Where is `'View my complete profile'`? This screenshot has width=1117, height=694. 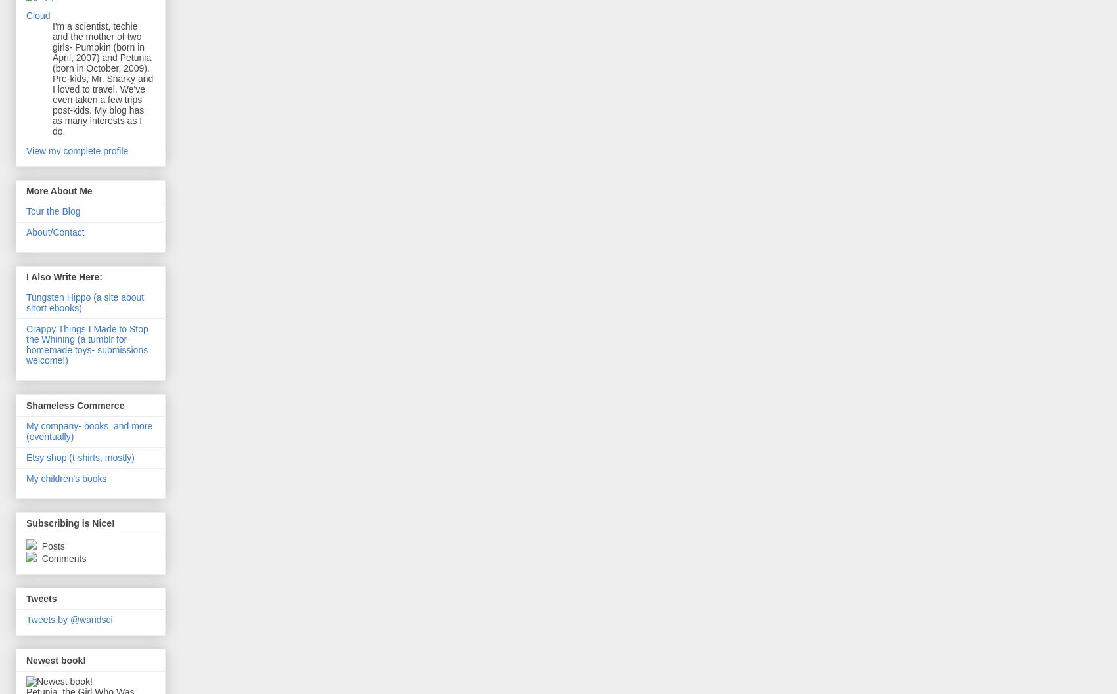 'View my complete profile' is located at coordinates (76, 150).